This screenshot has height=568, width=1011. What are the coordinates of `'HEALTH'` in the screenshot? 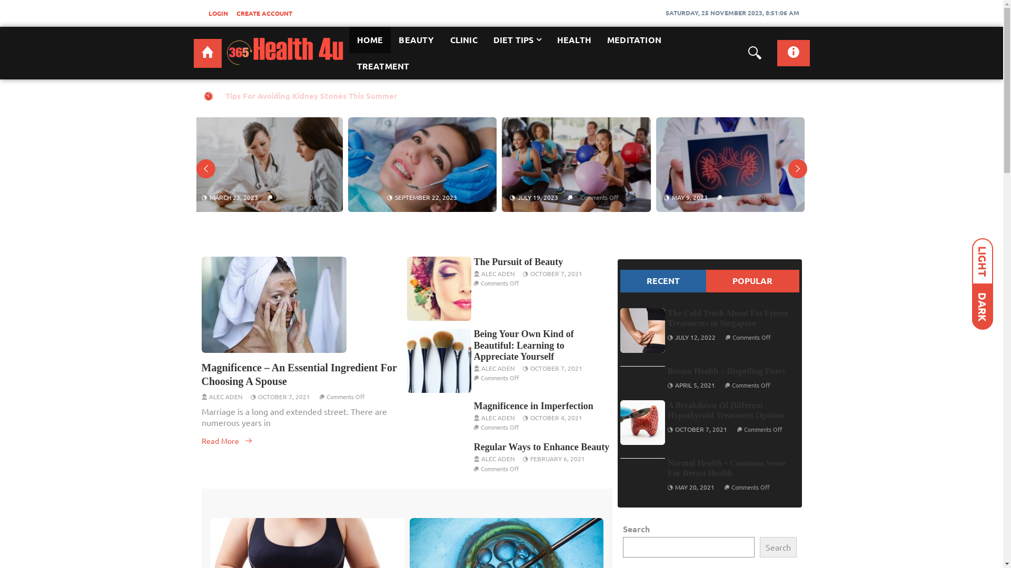 It's located at (548, 39).